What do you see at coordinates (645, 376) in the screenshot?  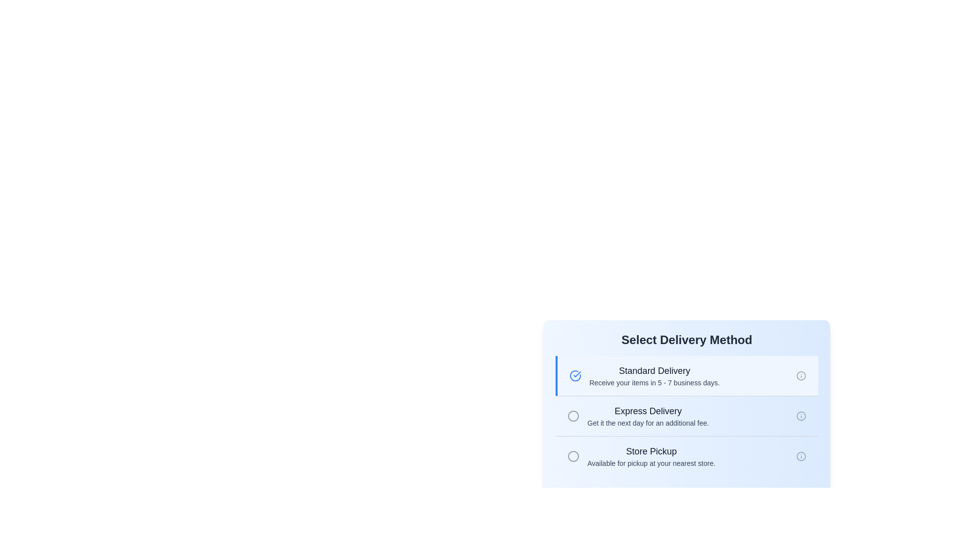 I see `the first selectable option for 'Standard Delivery' in the delivery methods list` at bounding box center [645, 376].